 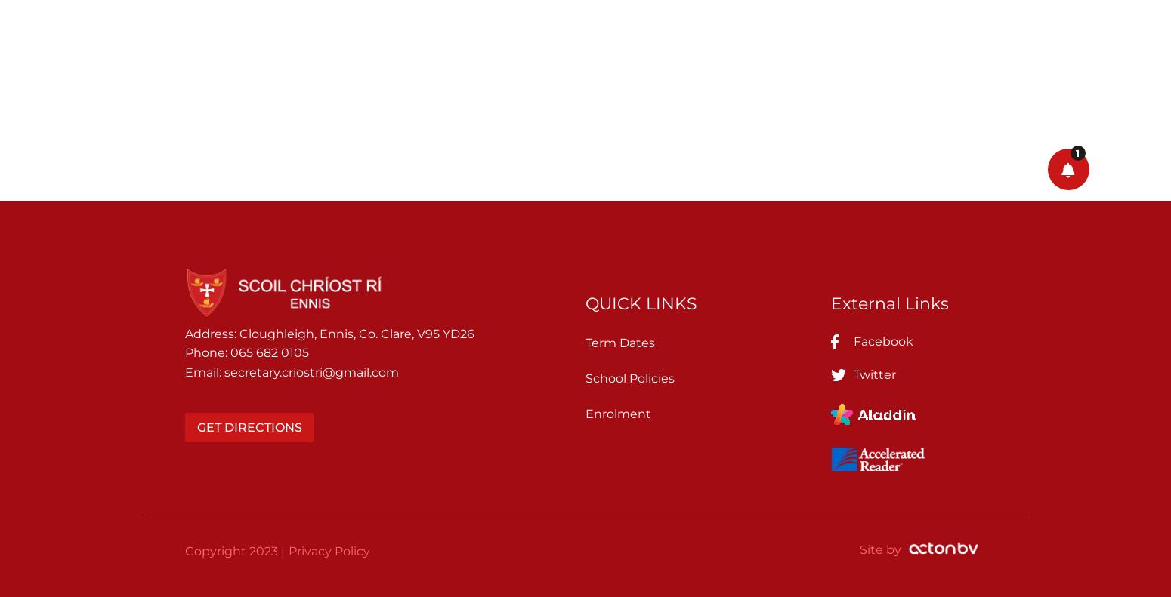 What do you see at coordinates (311, 371) in the screenshot?
I see `'secretary.criostri@gmail.com'` at bounding box center [311, 371].